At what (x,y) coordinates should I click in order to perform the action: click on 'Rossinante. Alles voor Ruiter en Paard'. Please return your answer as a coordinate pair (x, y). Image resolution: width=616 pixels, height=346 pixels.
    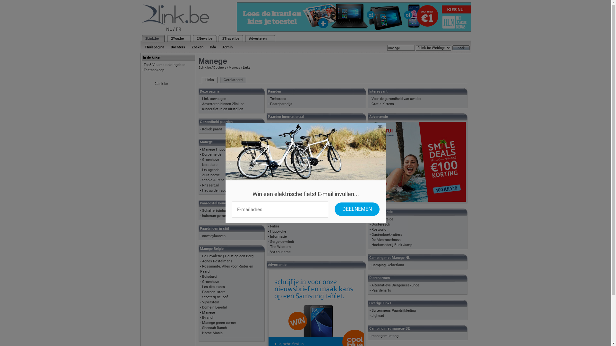
    Looking at the image, I should click on (200, 269).